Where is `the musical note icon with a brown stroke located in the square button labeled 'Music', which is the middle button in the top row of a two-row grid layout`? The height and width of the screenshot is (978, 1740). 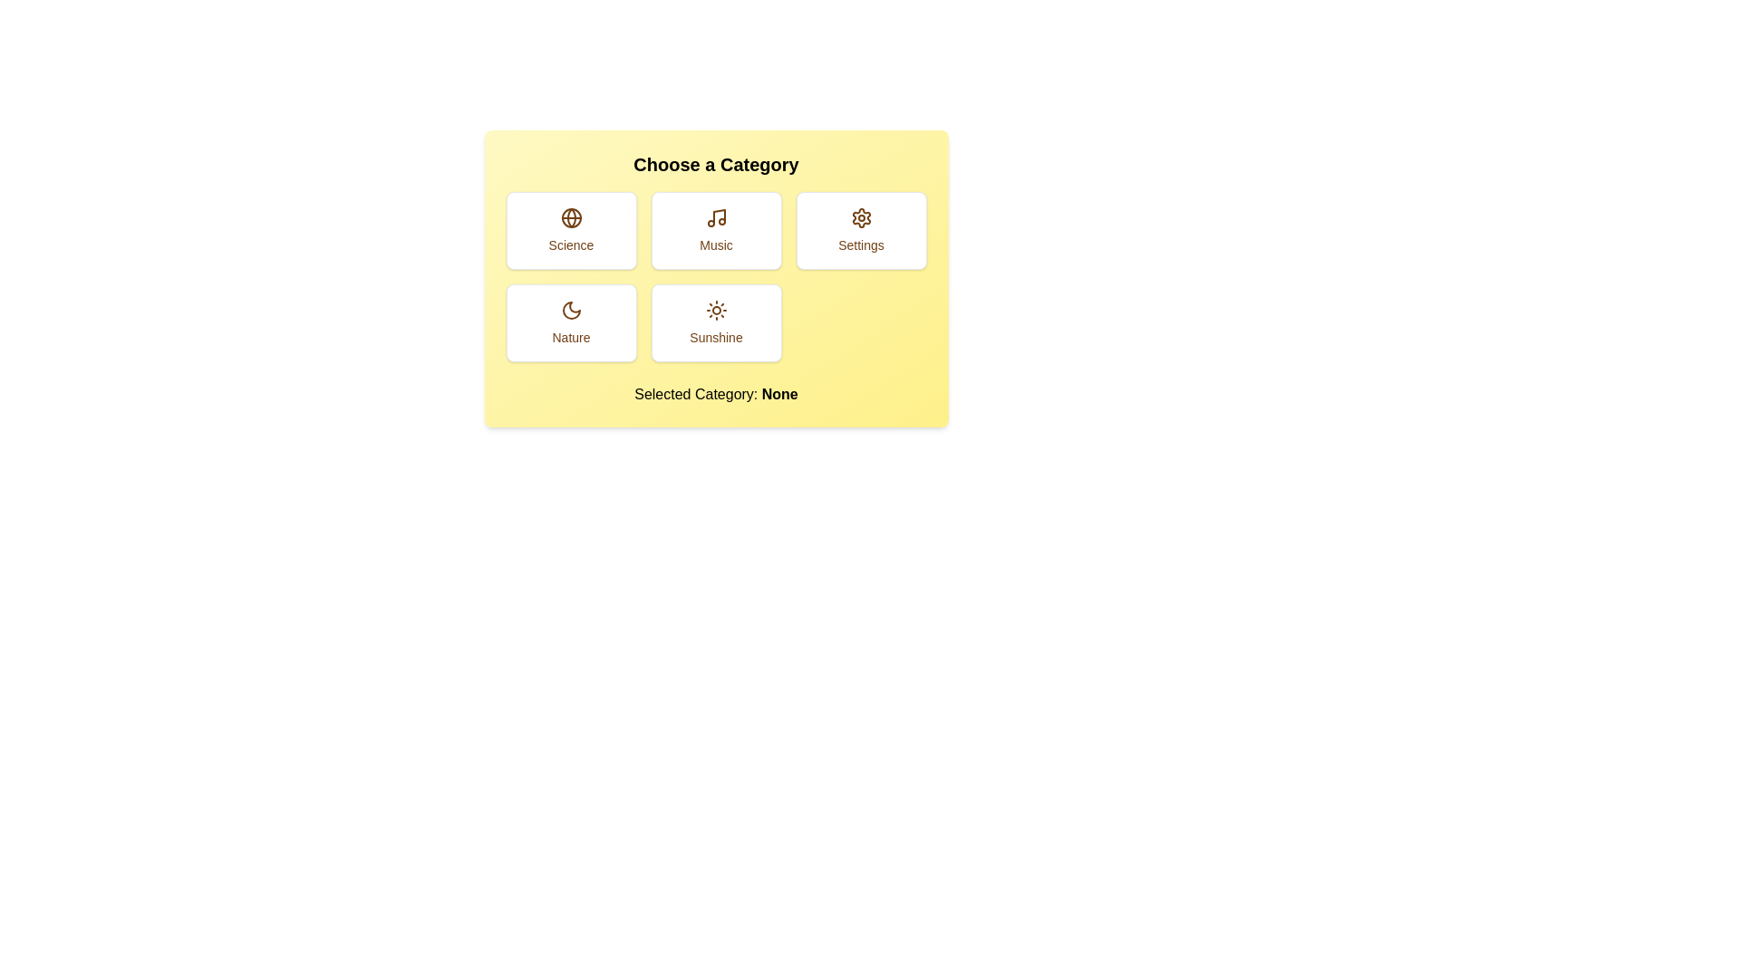 the musical note icon with a brown stroke located in the square button labeled 'Music', which is the middle button in the top row of a two-row grid layout is located at coordinates (715, 216).